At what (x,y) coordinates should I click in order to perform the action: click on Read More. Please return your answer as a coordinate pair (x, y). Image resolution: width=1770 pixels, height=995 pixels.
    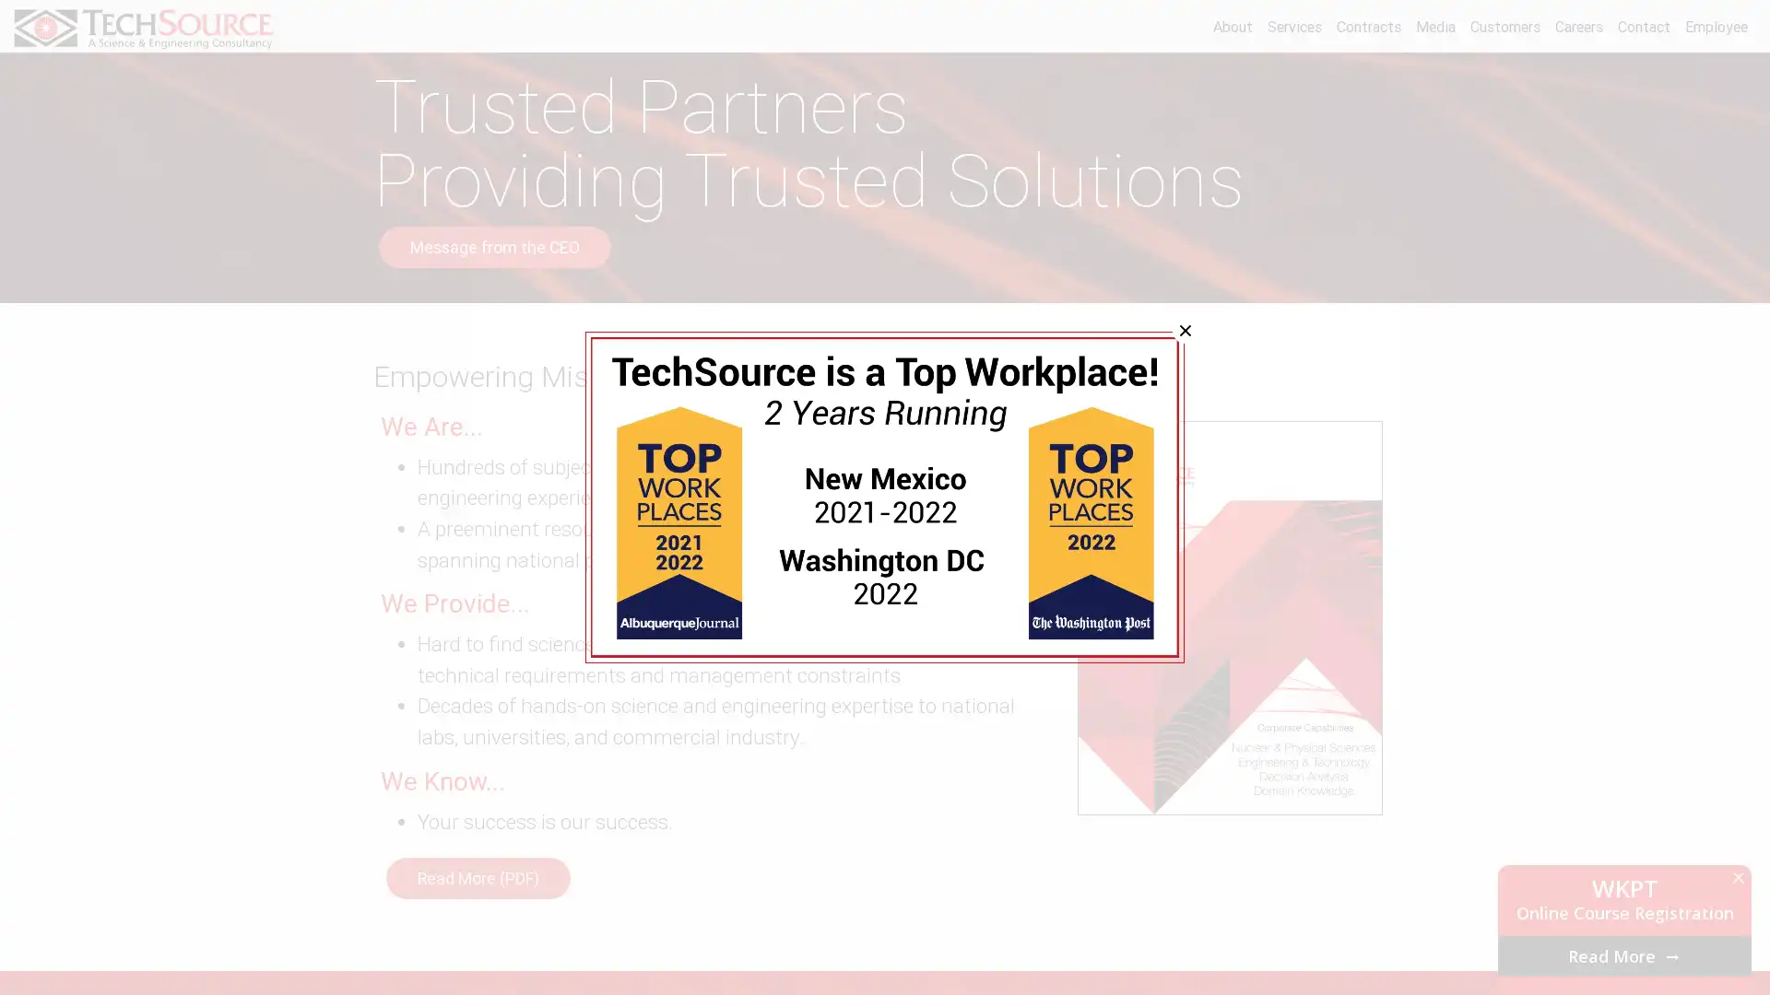
    Looking at the image, I should click on (1624, 954).